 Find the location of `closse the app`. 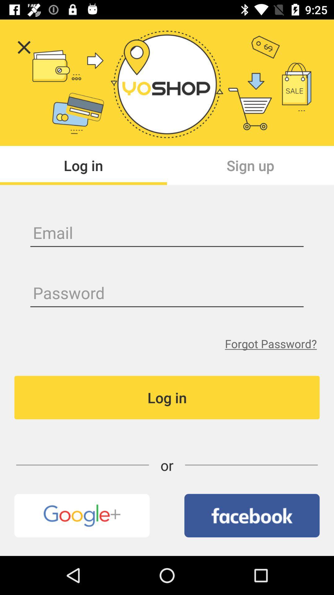

closse the app is located at coordinates (24, 47).